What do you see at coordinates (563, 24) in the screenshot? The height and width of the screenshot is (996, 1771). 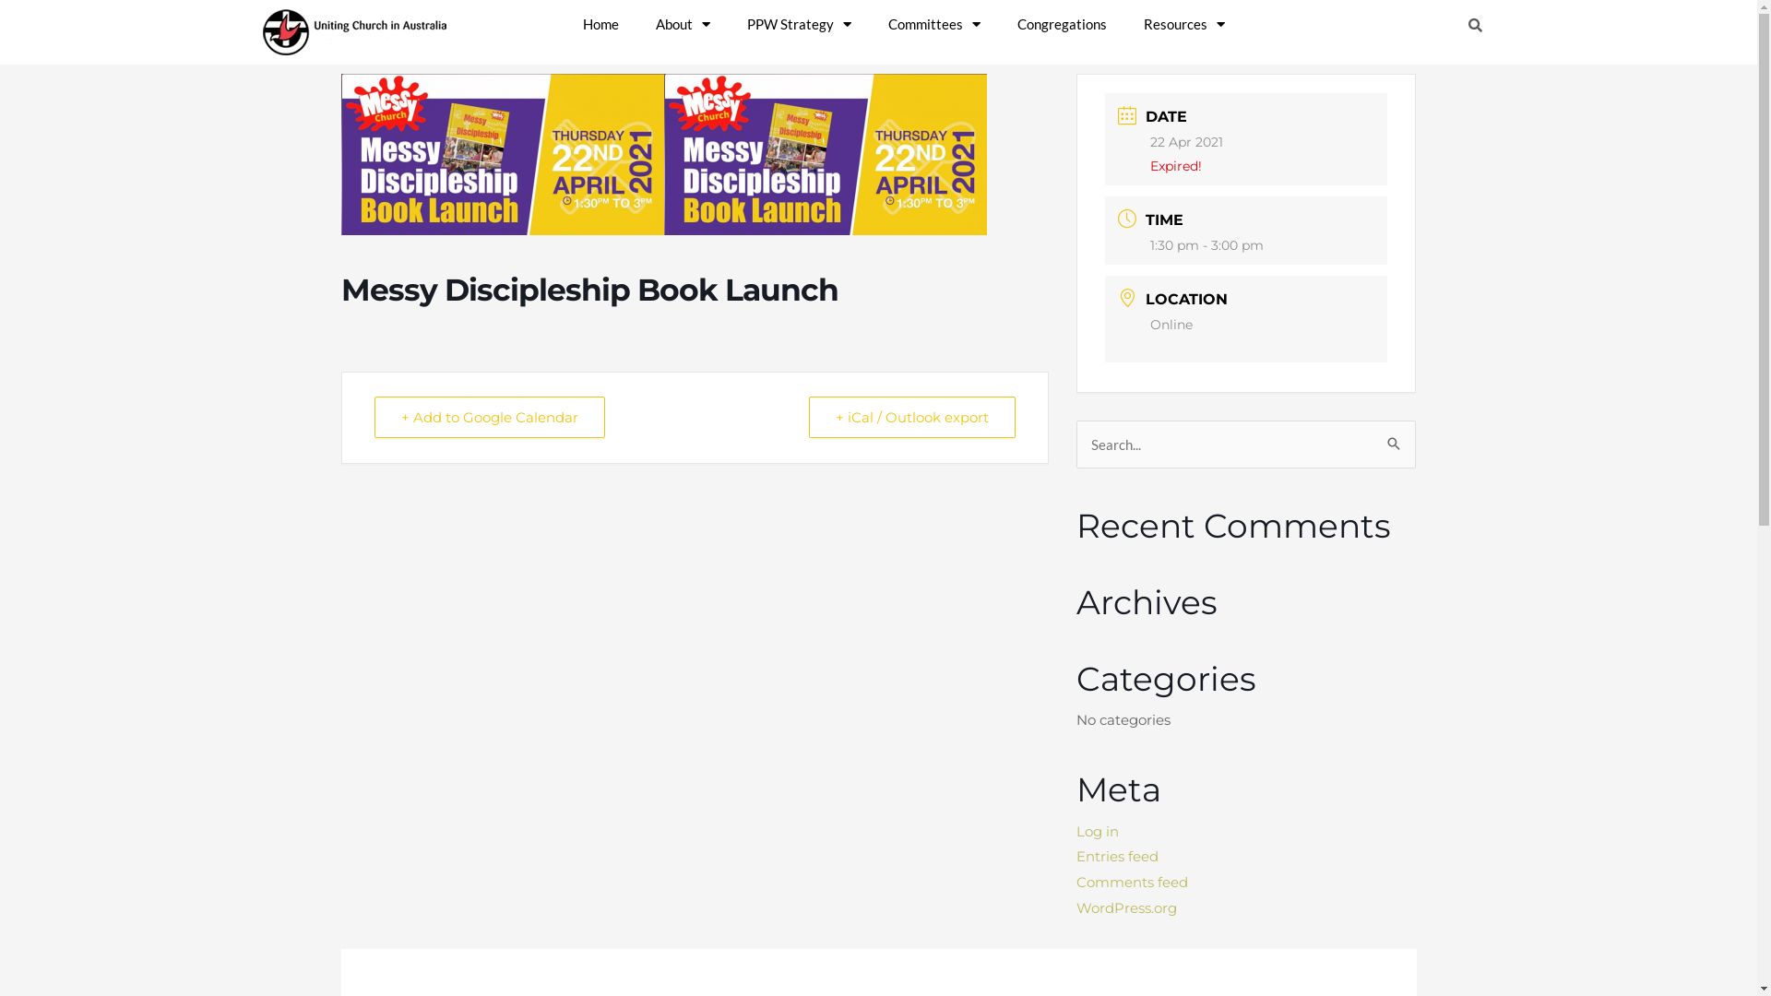 I see `'Home'` at bounding box center [563, 24].